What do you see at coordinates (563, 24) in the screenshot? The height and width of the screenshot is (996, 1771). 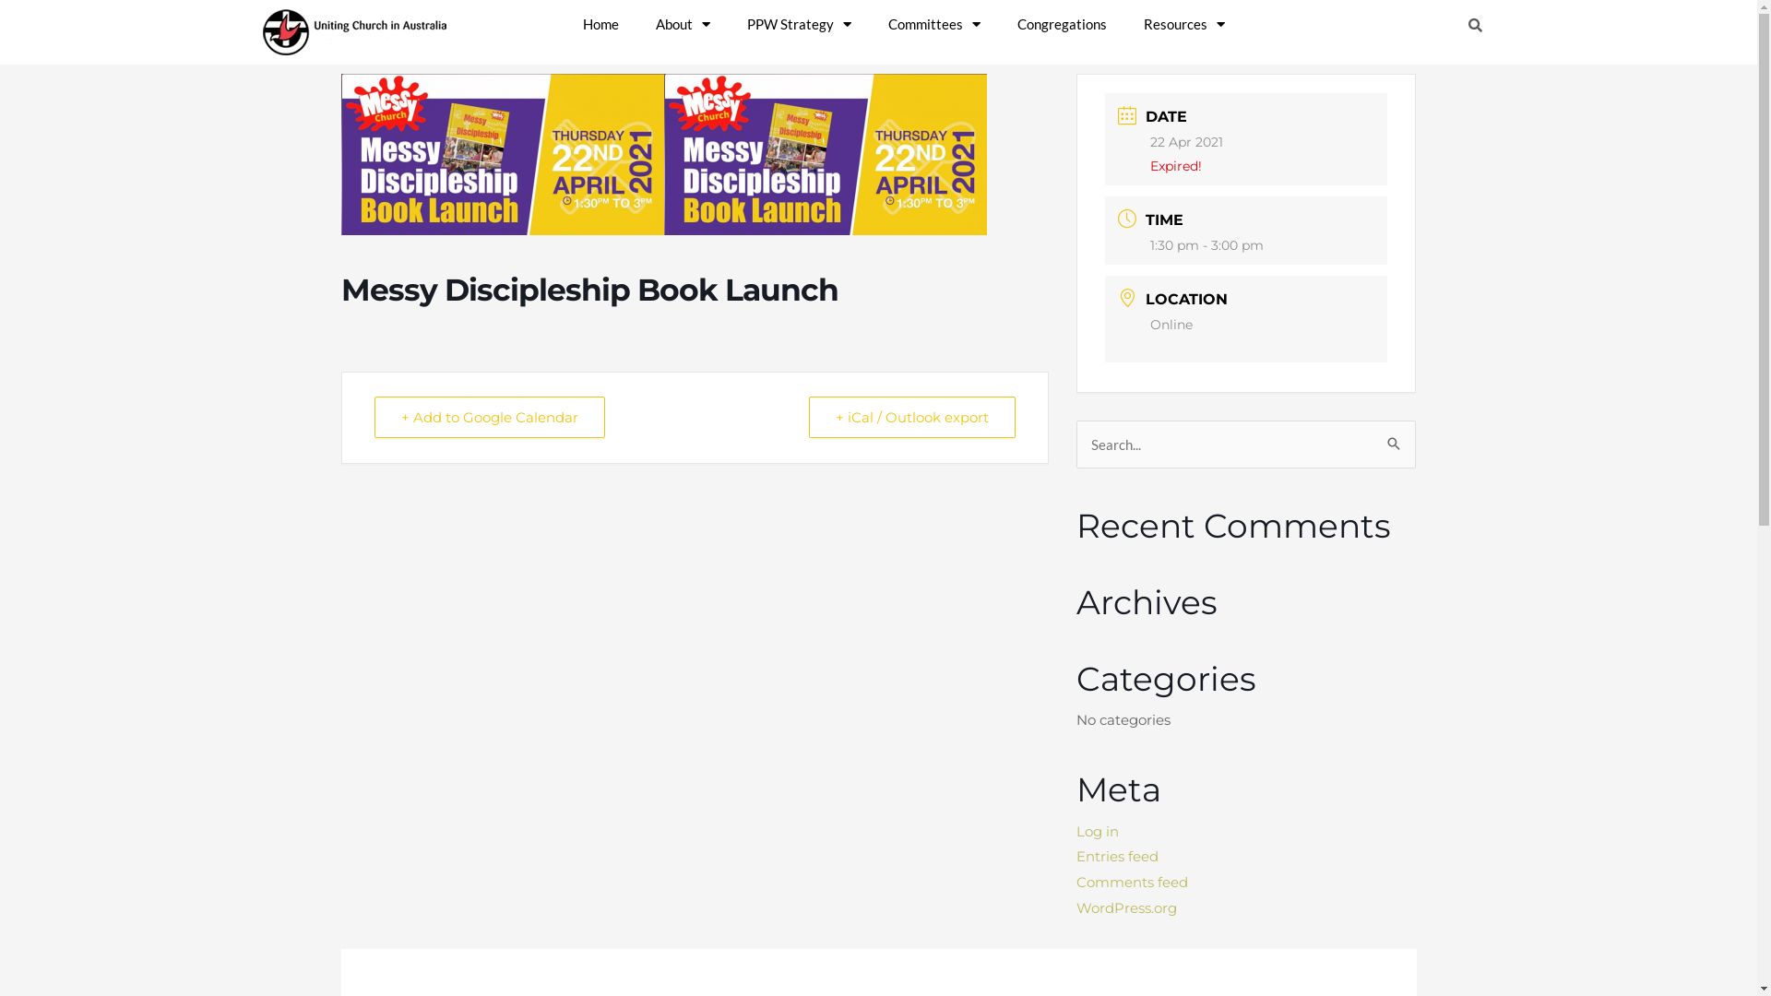 I see `'Home'` at bounding box center [563, 24].